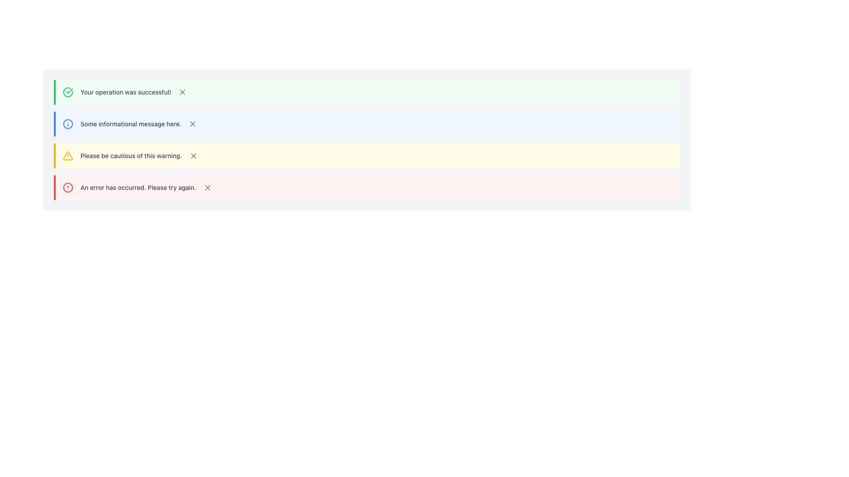  What do you see at coordinates (67, 124) in the screenshot?
I see `the circular information icon with a blue outline and white background, located in the second row of the notification list, to the left of the text 'Some informational message here.'` at bounding box center [67, 124].